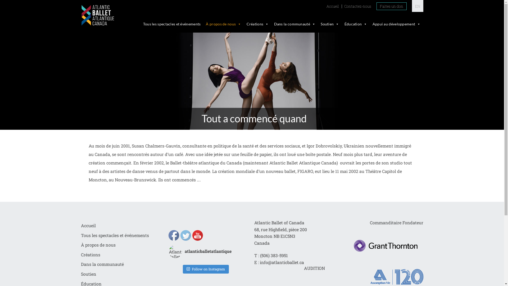  Describe the element at coordinates (88, 225) in the screenshot. I see `'Accueil'` at that location.